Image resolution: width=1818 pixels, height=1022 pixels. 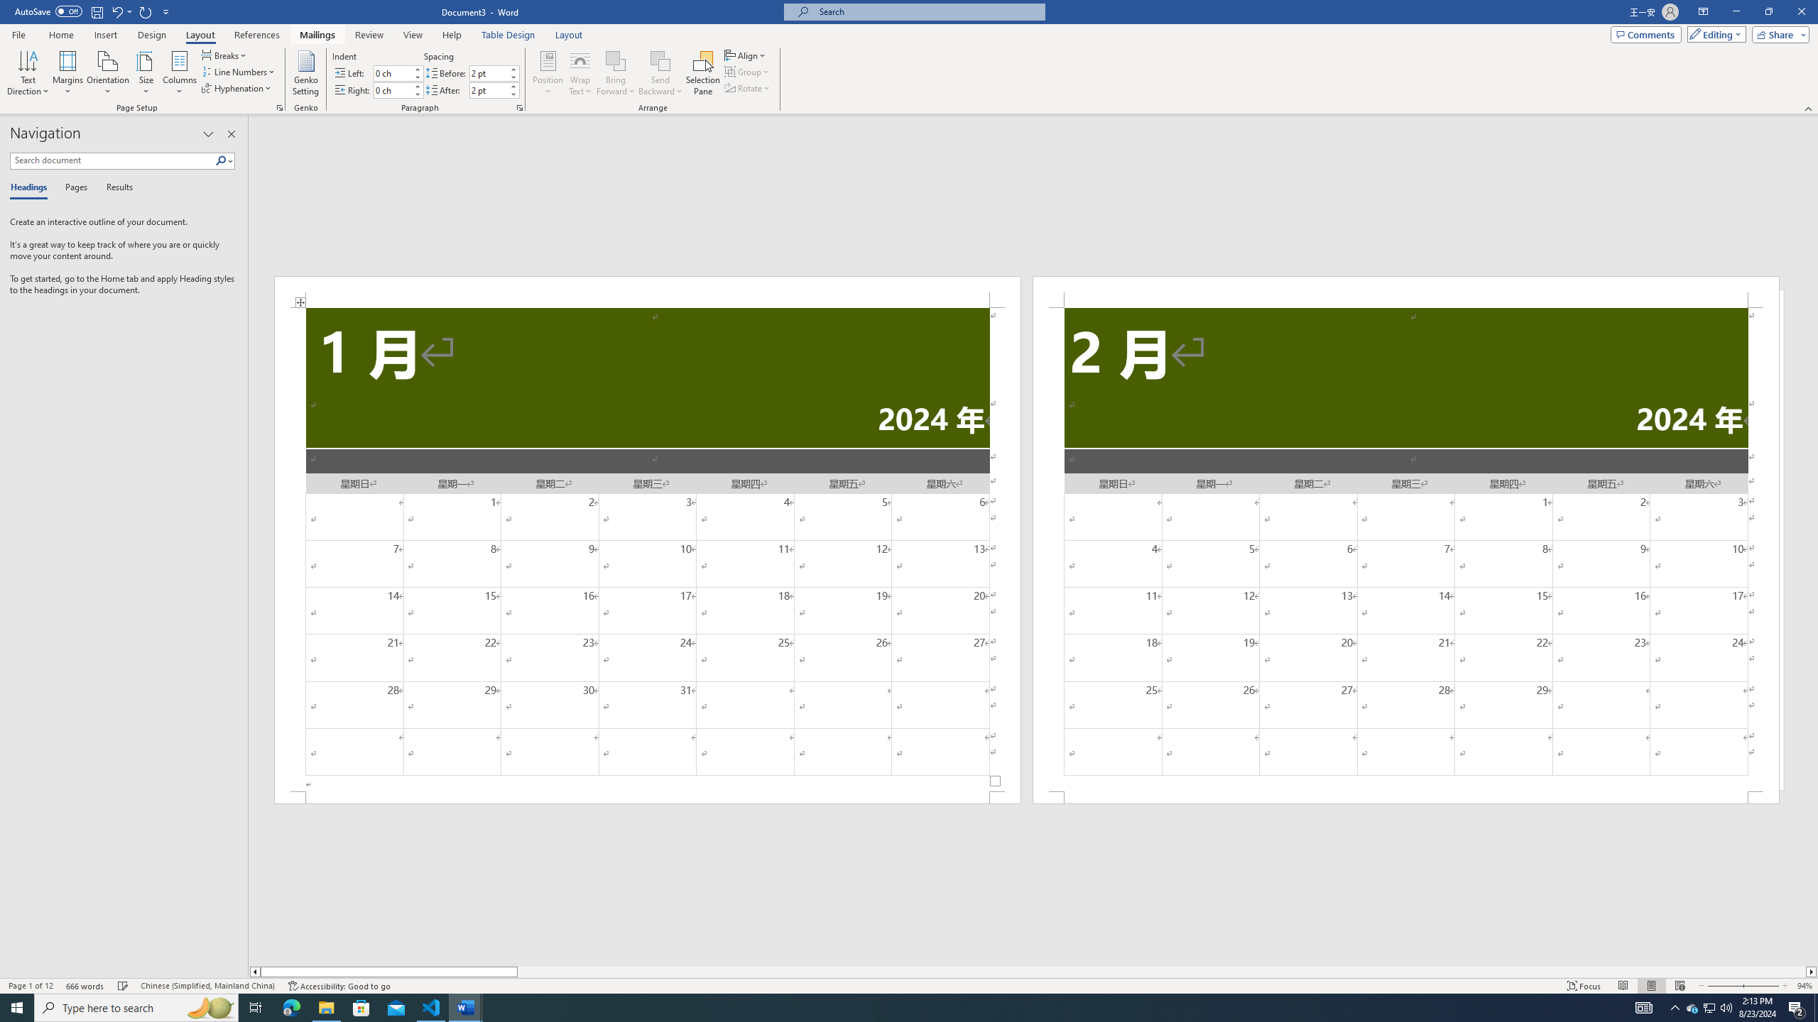 What do you see at coordinates (579, 73) in the screenshot?
I see `'Wrap Text'` at bounding box center [579, 73].